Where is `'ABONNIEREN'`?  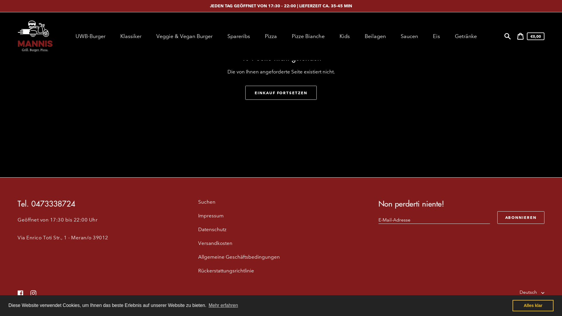
'ABONNIEREN' is located at coordinates (521, 217).